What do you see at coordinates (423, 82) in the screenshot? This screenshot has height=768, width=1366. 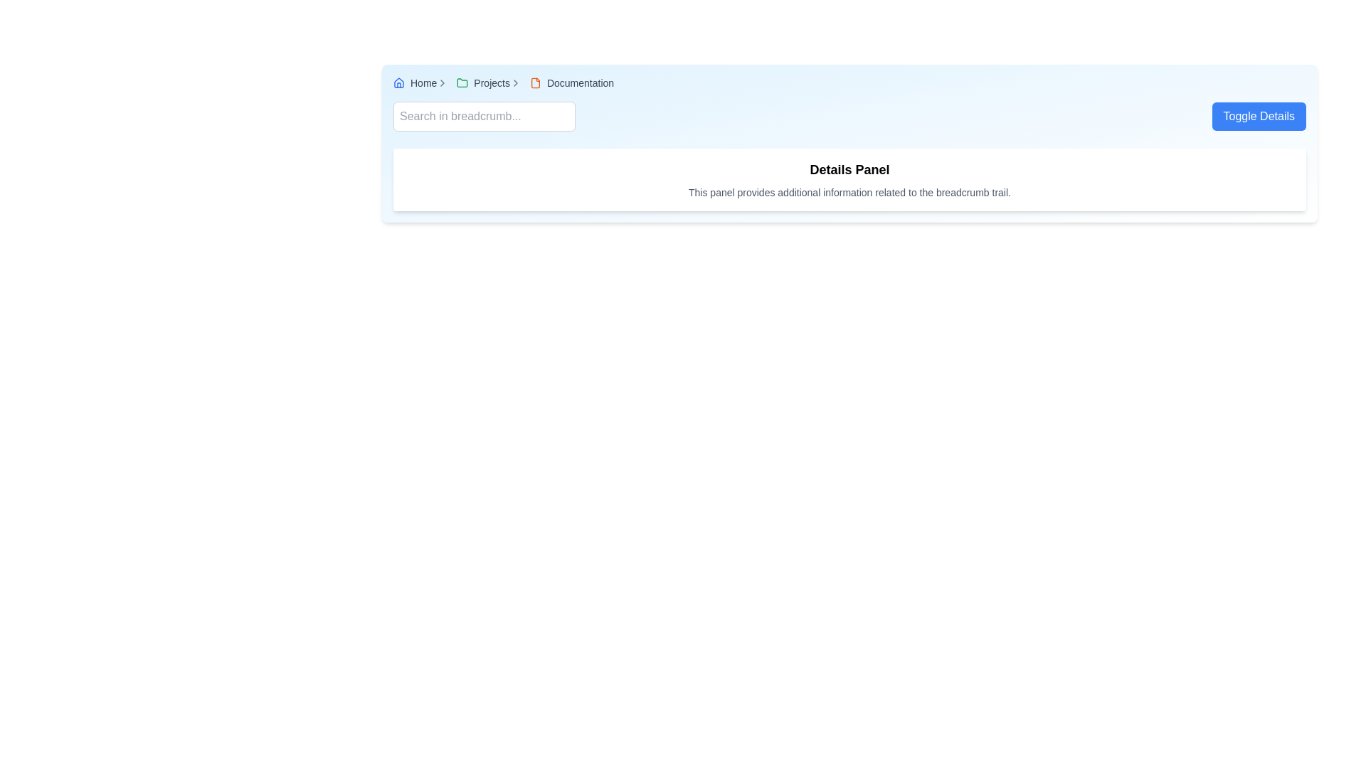 I see `the text label within the breadcrumb navigation bar that serves as a hyperlink` at bounding box center [423, 82].